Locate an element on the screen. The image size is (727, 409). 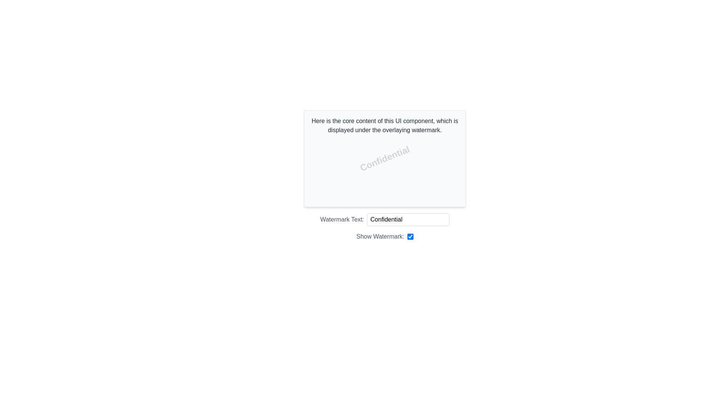
the text label that indicates the watermark toggle feature, which is positioned above the checkbox near the center bottom of the UI is located at coordinates (380, 236).